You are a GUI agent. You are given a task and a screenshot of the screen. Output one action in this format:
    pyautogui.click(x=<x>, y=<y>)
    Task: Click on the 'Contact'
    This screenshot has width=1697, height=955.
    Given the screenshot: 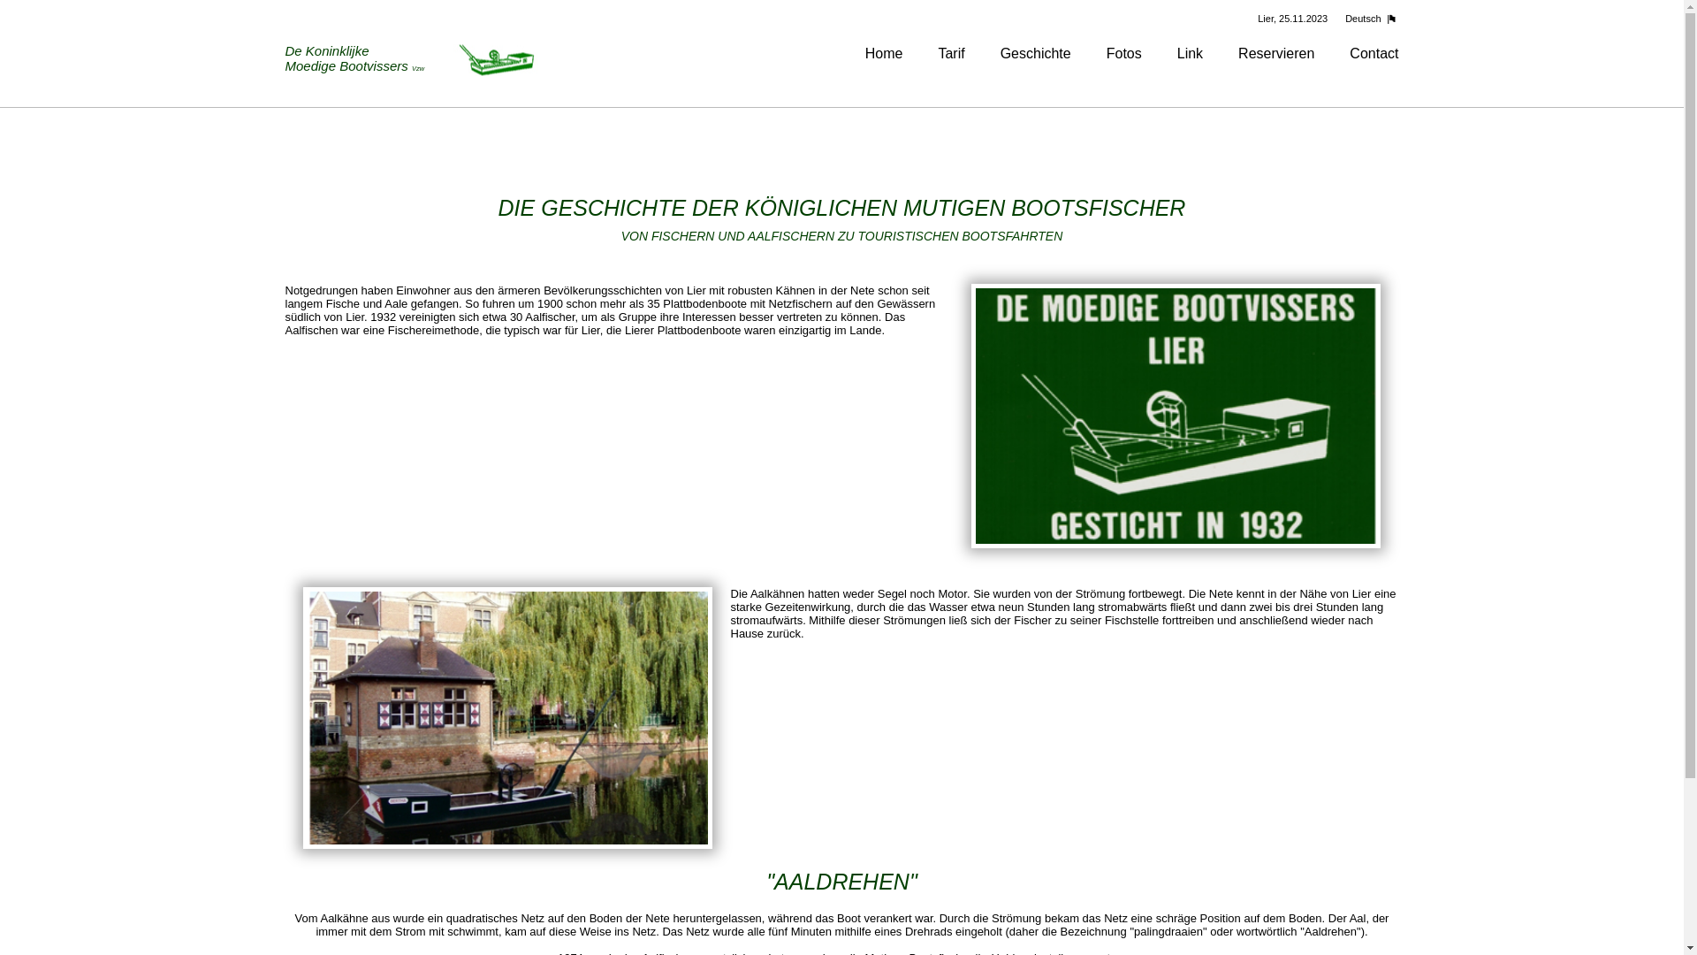 What is the action you would take?
    pyautogui.click(x=1373, y=52)
    